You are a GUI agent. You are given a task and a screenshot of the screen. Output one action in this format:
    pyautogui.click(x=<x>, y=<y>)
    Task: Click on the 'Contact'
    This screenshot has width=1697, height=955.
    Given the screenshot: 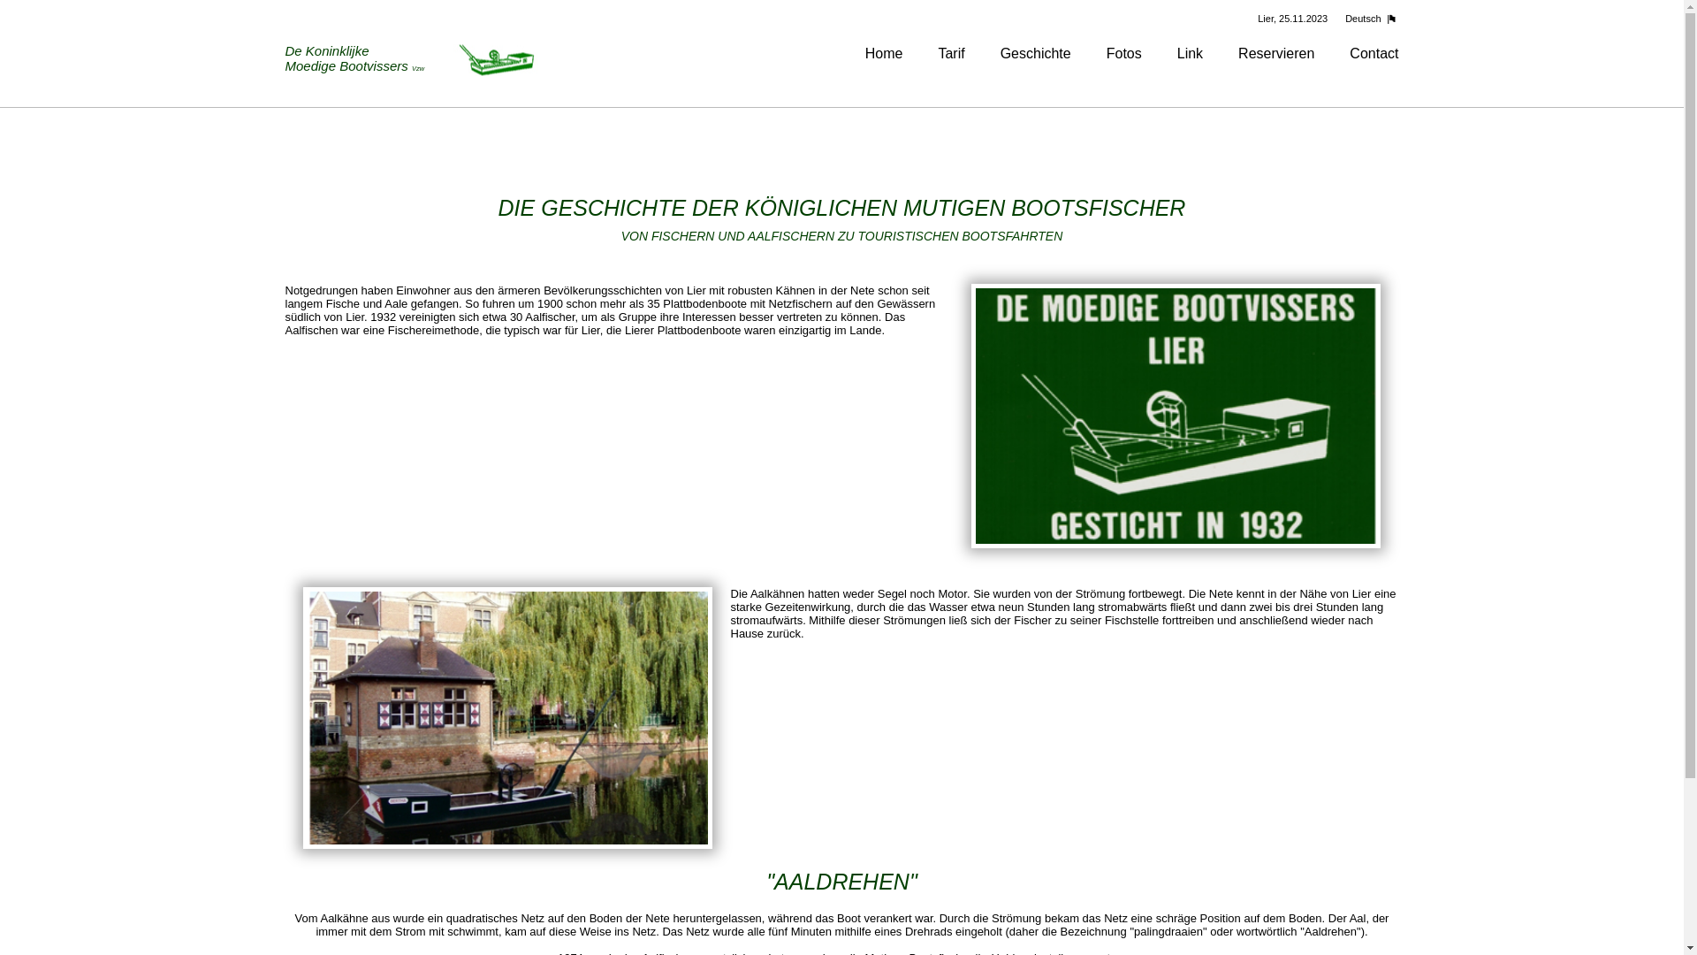 What is the action you would take?
    pyautogui.click(x=1373, y=52)
    